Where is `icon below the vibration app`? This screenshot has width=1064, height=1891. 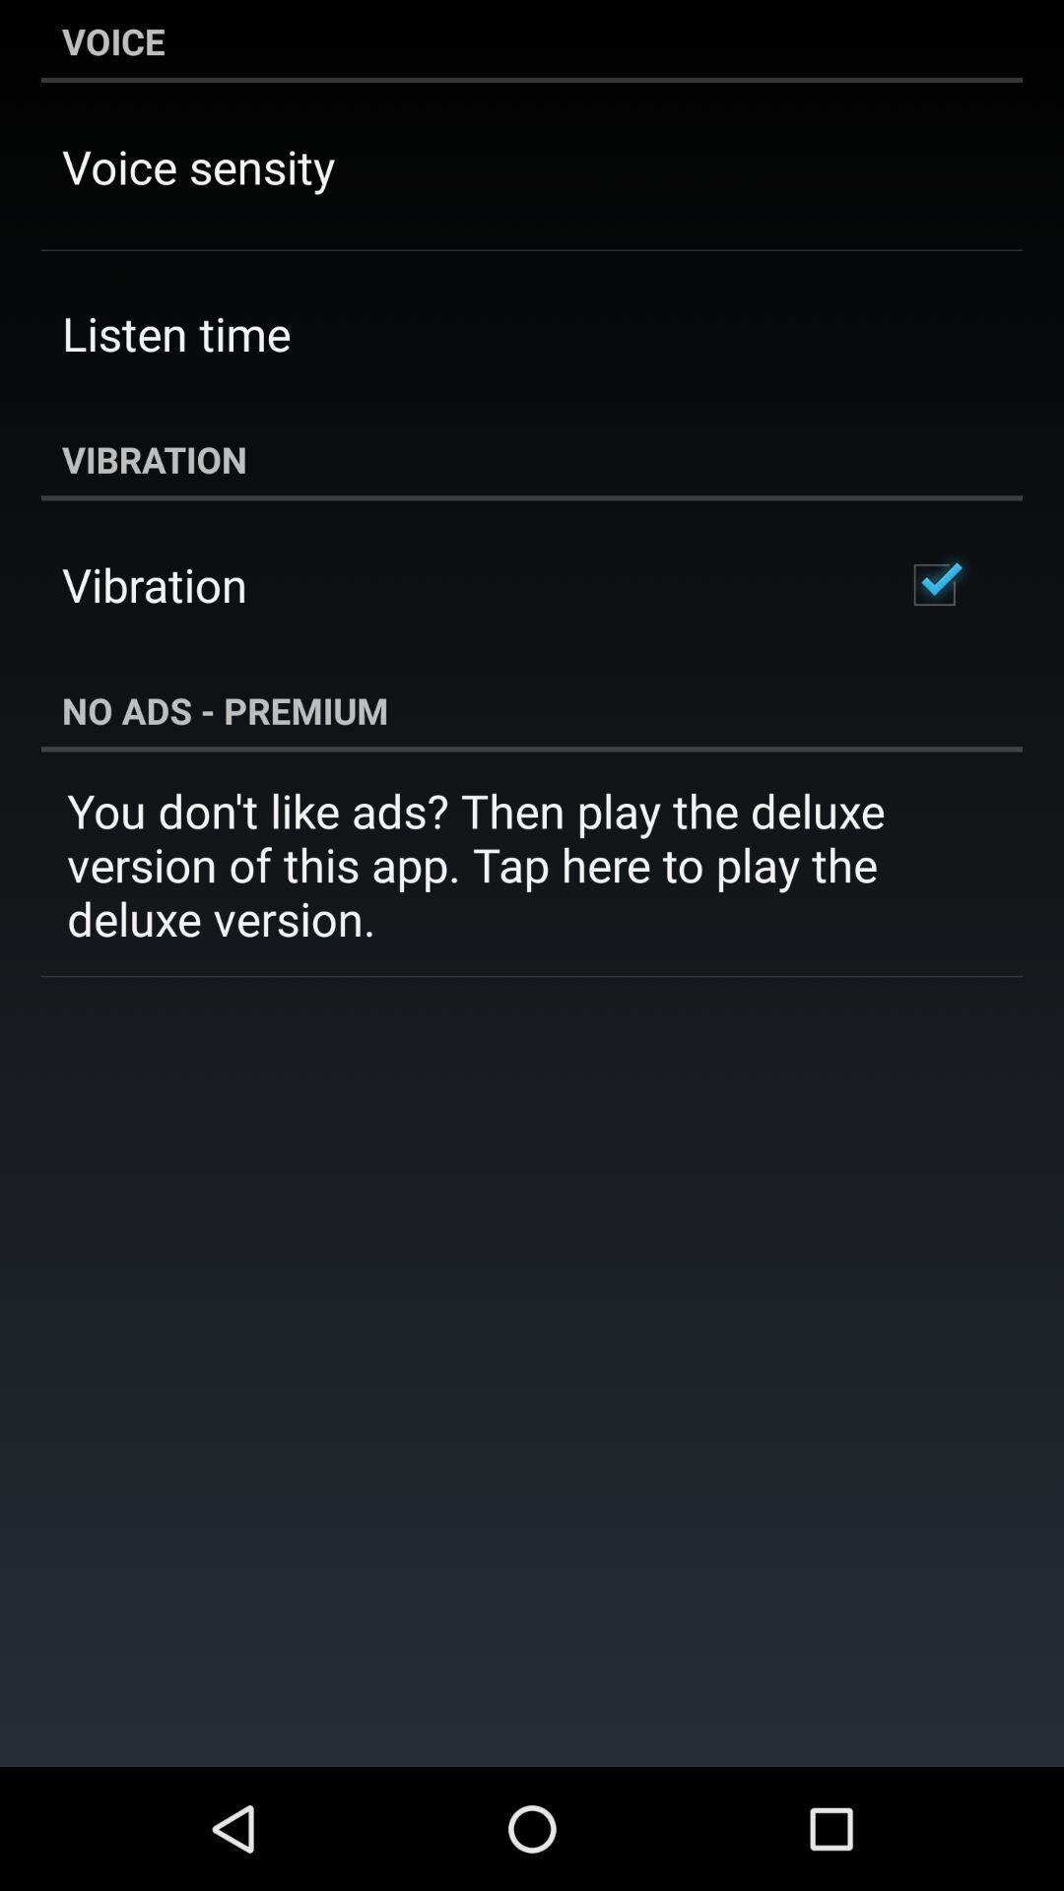
icon below the vibration app is located at coordinates (933, 584).